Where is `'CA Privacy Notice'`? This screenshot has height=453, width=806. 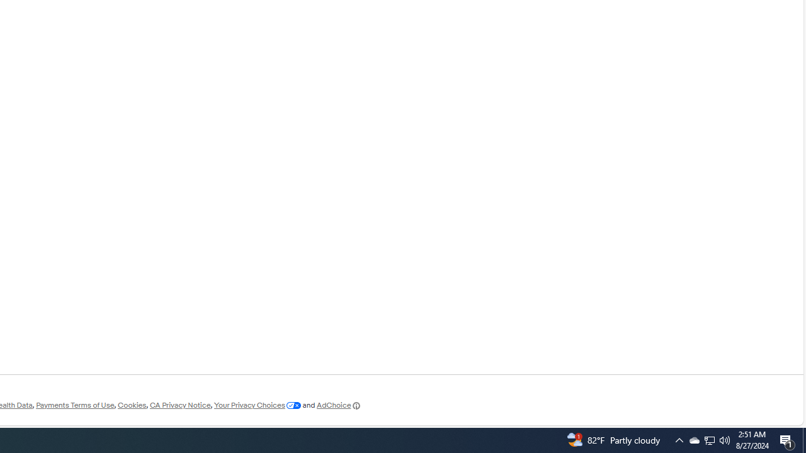
'CA Privacy Notice' is located at coordinates (179, 405).